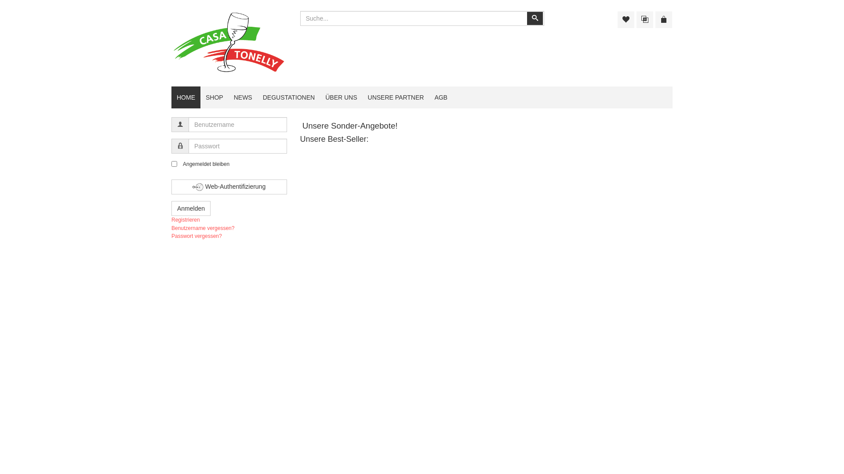 This screenshot has width=844, height=474. What do you see at coordinates (196, 235) in the screenshot?
I see `'Passwort vergessen?'` at bounding box center [196, 235].